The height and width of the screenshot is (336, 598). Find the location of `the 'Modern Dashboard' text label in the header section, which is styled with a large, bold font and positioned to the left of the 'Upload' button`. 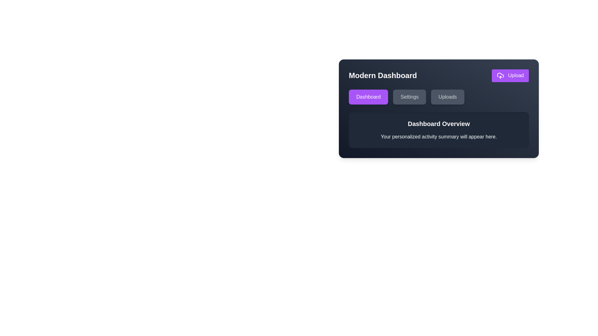

the 'Modern Dashboard' text label in the header section, which is styled with a large, bold font and positioned to the left of the 'Upload' button is located at coordinates (382, 75).